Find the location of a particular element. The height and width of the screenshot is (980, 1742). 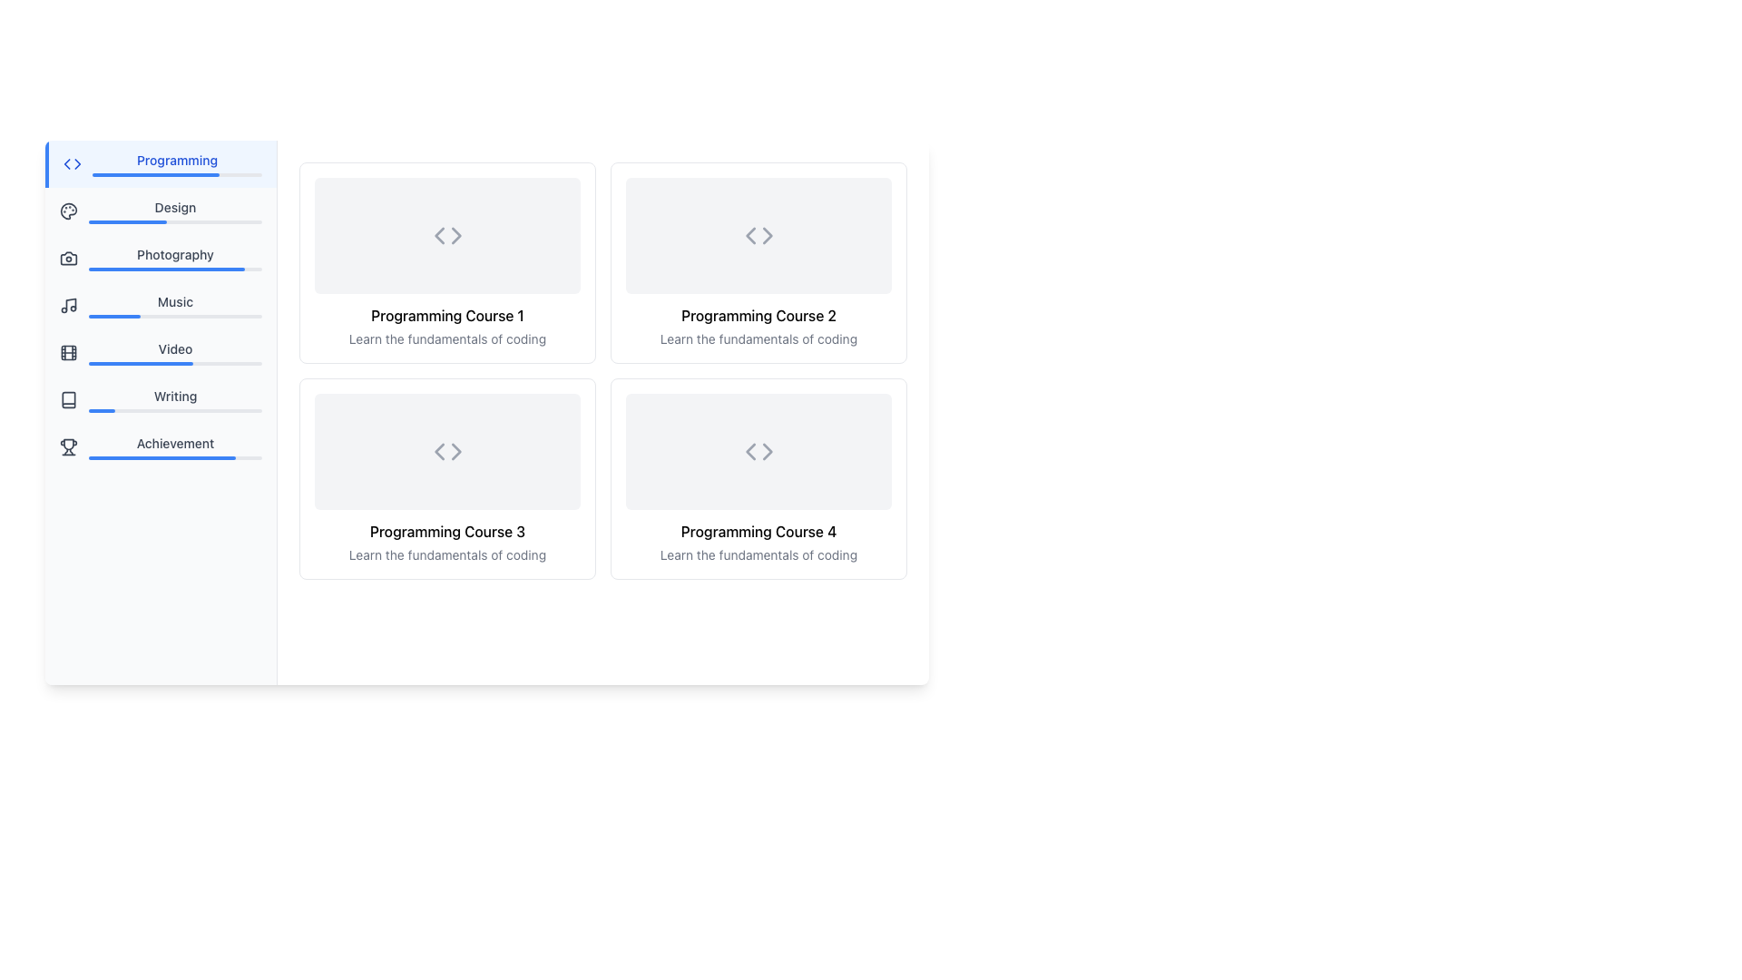

the Progress bar segment that visually represents the 45% completion level for the 'Design' category, which is located next to the 'Design' label in the vertical side menu is located at coordinates (126, 221).